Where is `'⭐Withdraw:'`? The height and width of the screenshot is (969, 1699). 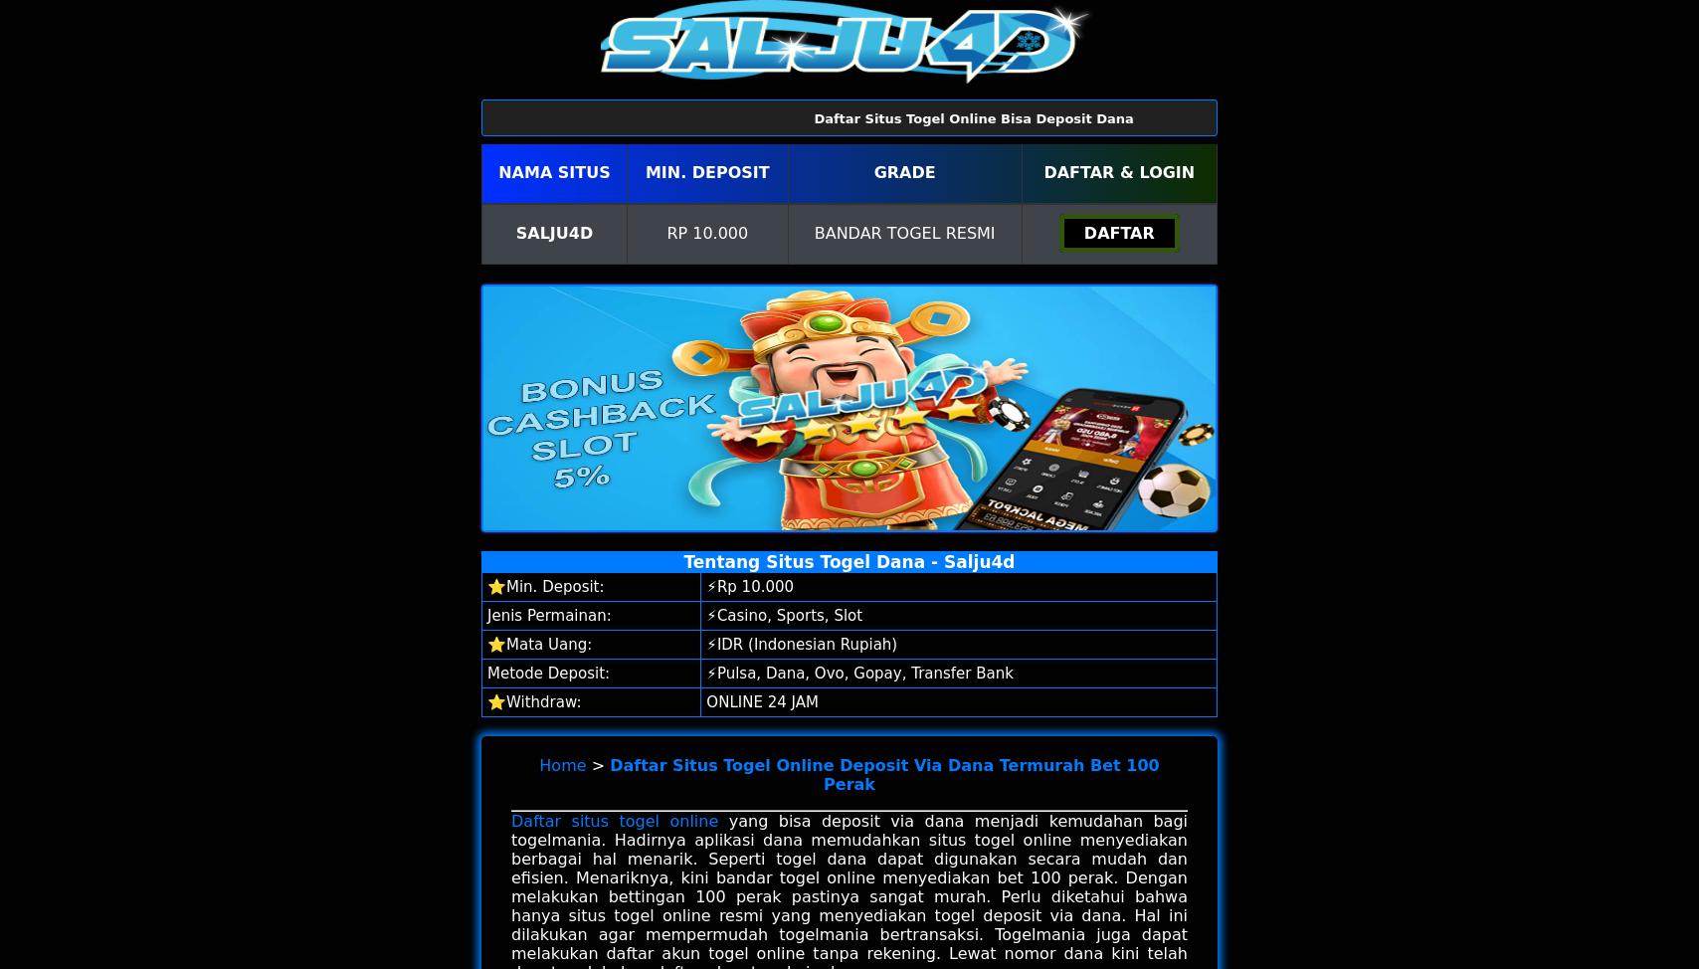 '⭐Withdraw:' is located at coordinates (533, 701).